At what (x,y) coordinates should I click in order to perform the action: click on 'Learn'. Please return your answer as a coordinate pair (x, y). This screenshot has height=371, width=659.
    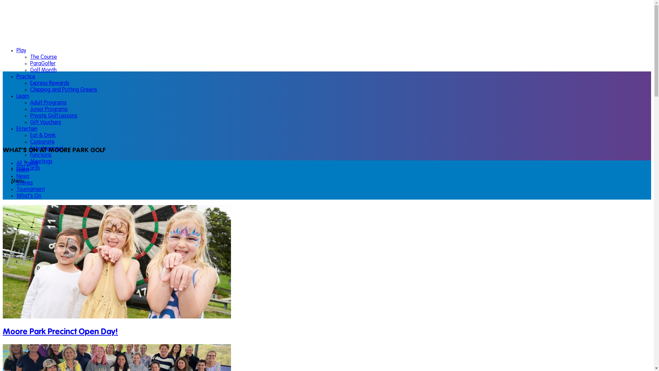
    Looking at the image, I should click on (23, 97).